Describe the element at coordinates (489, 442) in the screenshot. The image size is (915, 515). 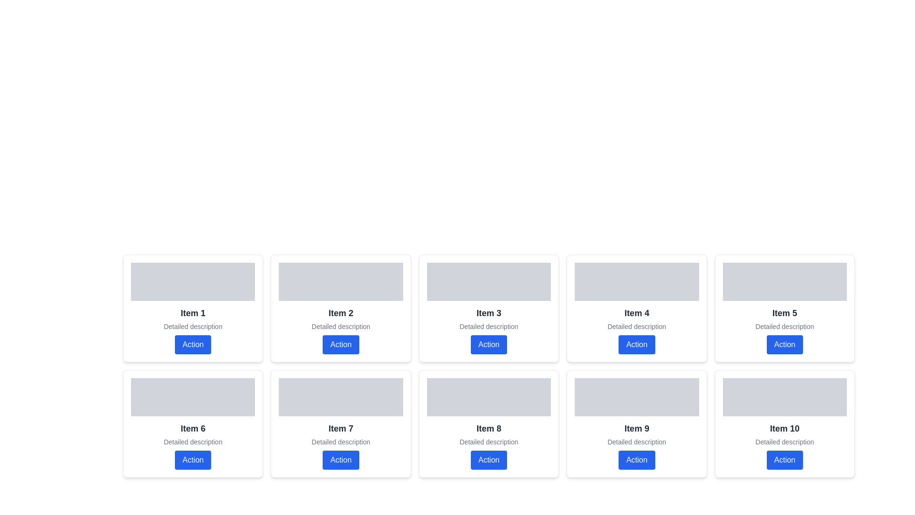
I see `the informative Text Label located within the card labeled 'Item 8', which is positioned centrally in the second row of a grid layout, immediately below the title 'Item 8' and above the 'Action' button` at that location.